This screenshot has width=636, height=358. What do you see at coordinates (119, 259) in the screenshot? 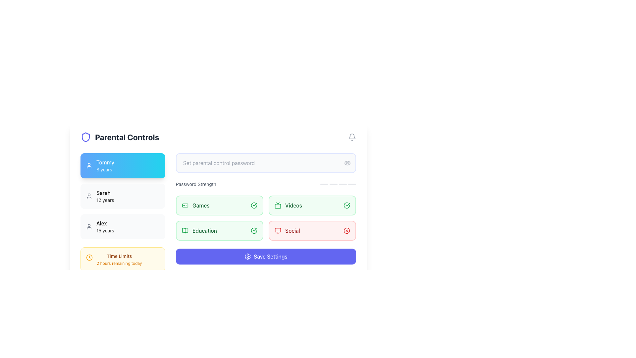
I see `the 'Time Limits' Text Display, which features a medium-sized amber title and a smaller subtitle indicating '2 hours remaining today', located near the bottom left of the interface` at bounding box center [119, 259].